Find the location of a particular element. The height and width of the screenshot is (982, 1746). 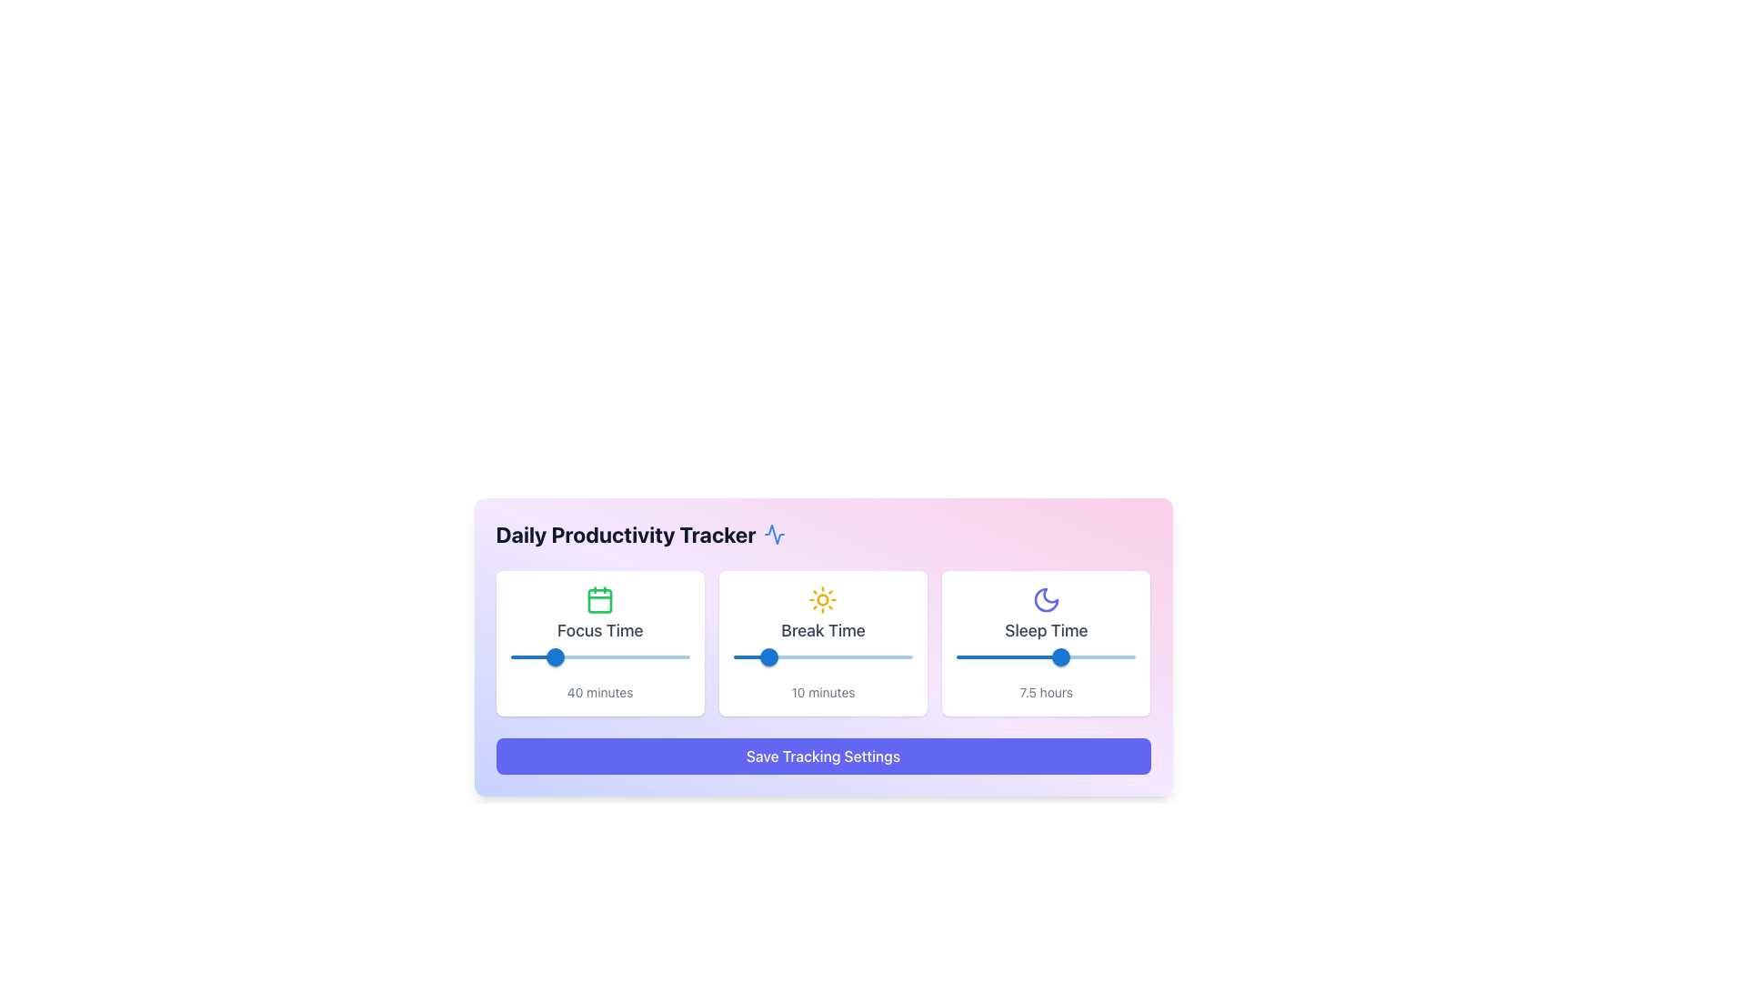

the Text Label displaying '40 minutes' located beneath the slider in the 'Focus Time' section is located at coordinates (600, 693).